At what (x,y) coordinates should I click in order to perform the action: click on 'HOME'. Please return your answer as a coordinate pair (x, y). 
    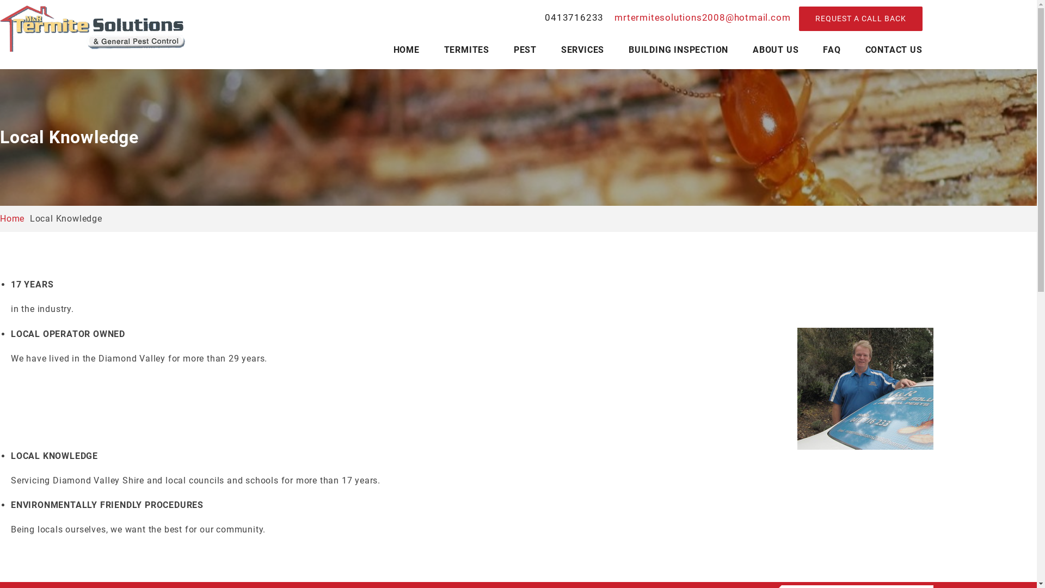
    Looking at the image, I should click on (406, 50).